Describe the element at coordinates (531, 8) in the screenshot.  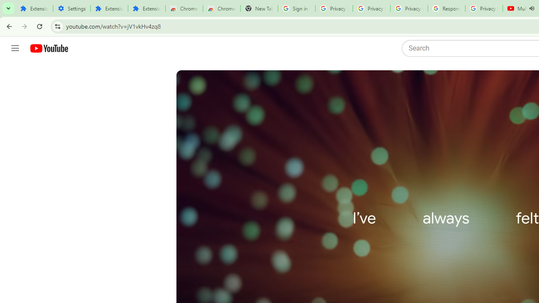
I see `'Mute tab'` at that location.